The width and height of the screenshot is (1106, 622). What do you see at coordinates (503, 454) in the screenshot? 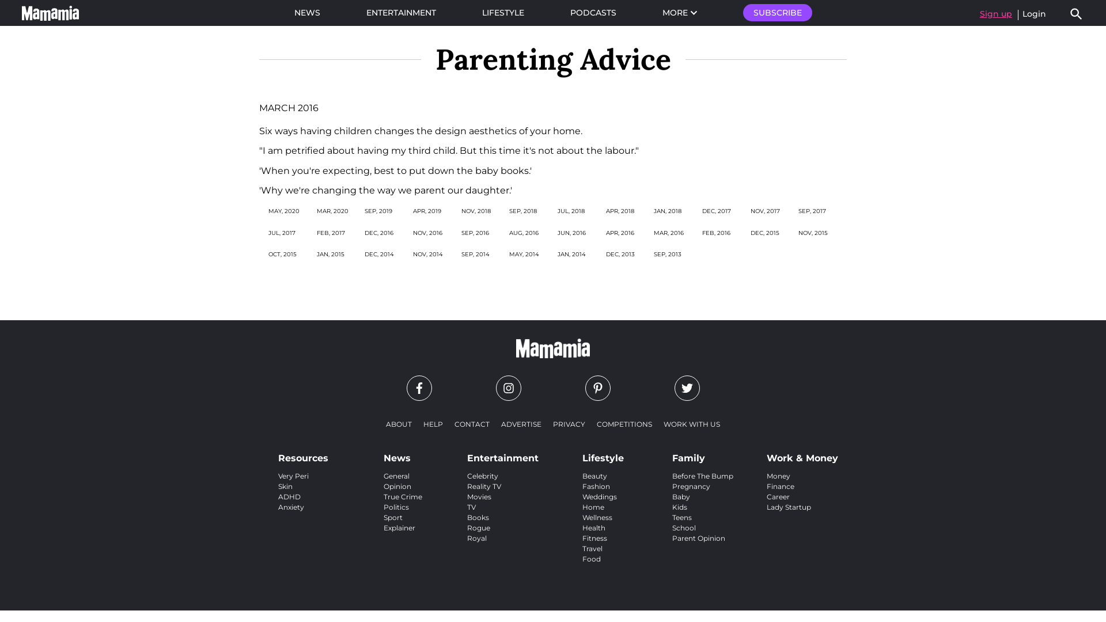
I see `'Entertainment'` at bounding box center [503, 454].